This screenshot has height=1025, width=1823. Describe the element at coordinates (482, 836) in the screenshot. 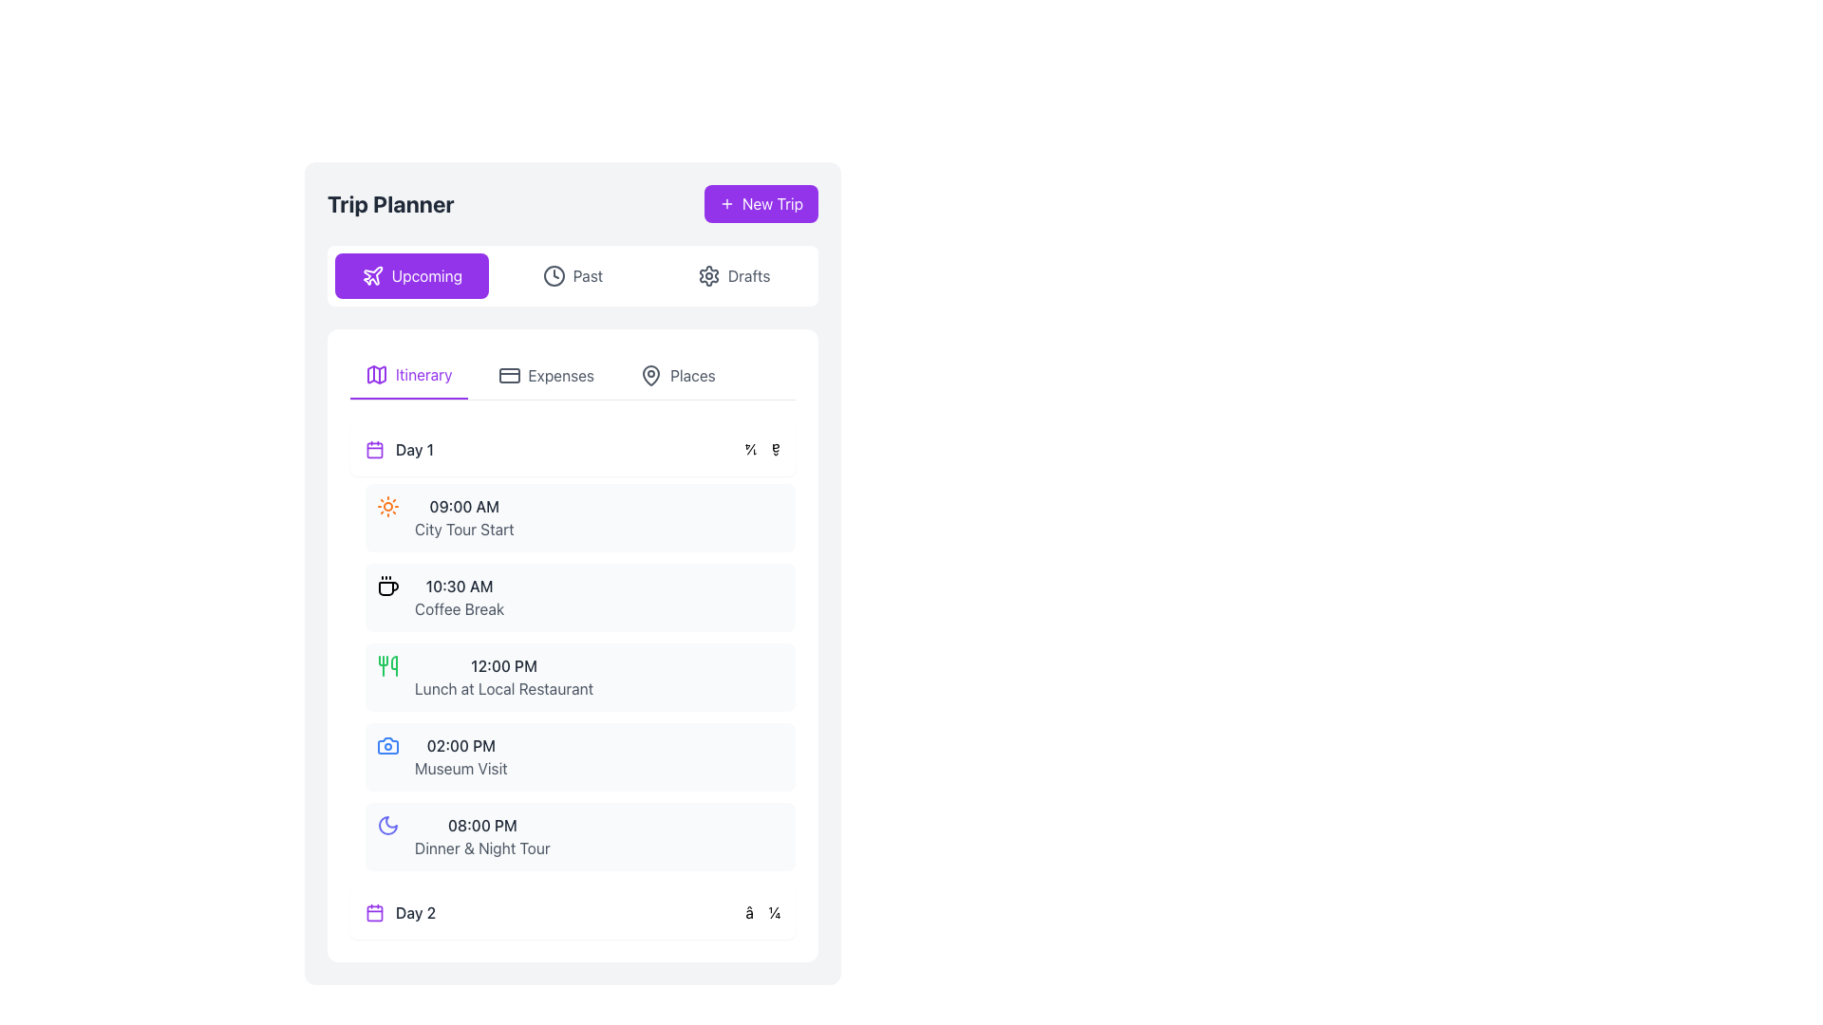

I see `the schedule entry text block indicating '08:00 PM' and 'Dinner & Night Tour'` at that location.